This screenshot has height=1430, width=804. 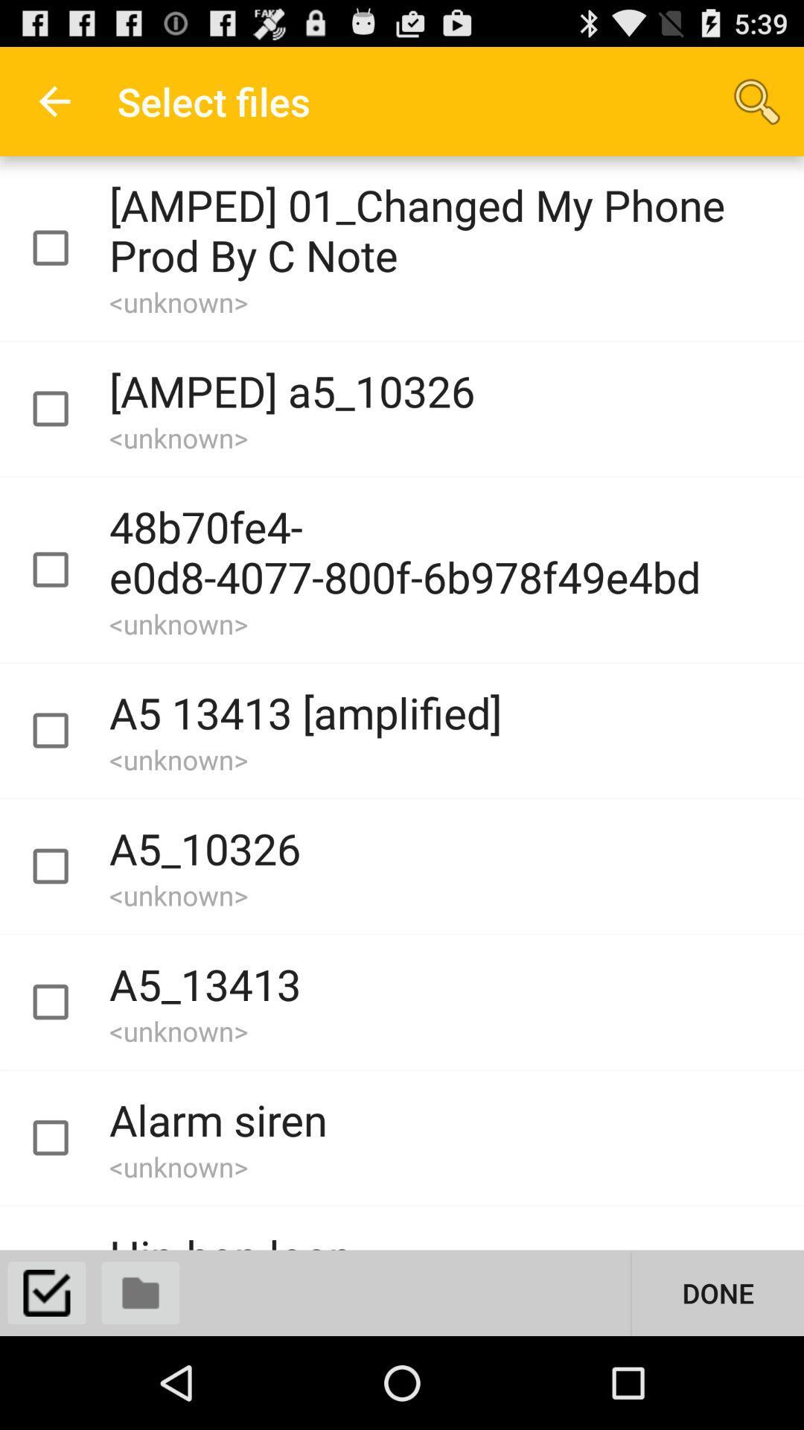 What do you see at coordinates (63, 1137) in the screenshot?
I see `alarm box` at bounding box center [63, 1137].